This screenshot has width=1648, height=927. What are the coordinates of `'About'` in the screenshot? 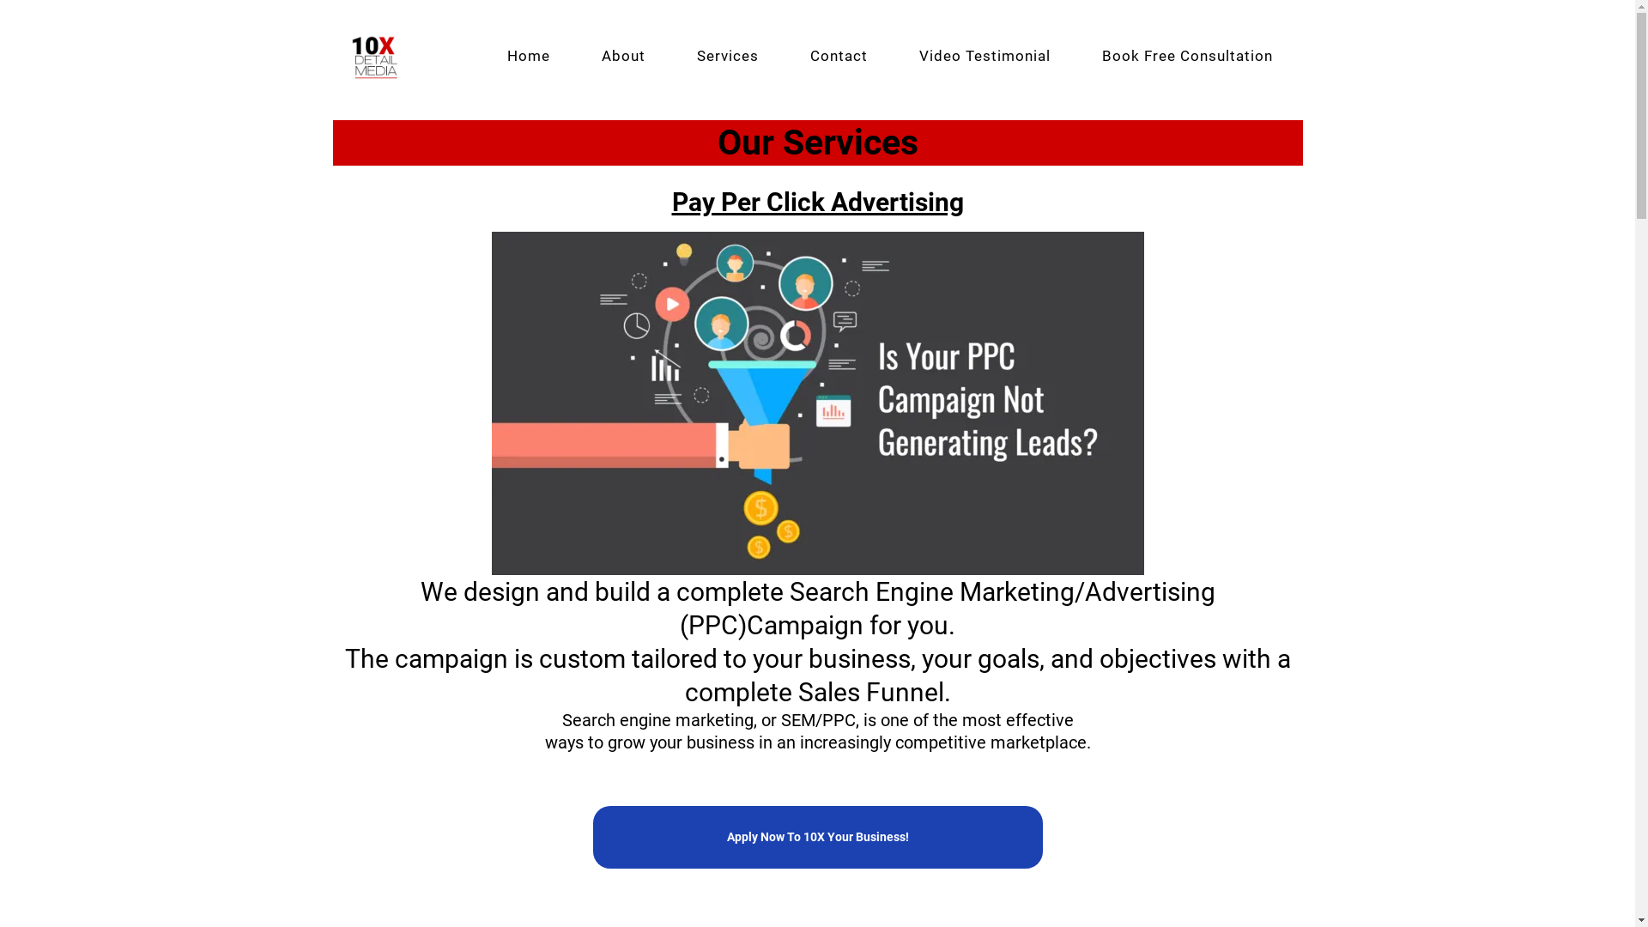 It's located at (621, 55).